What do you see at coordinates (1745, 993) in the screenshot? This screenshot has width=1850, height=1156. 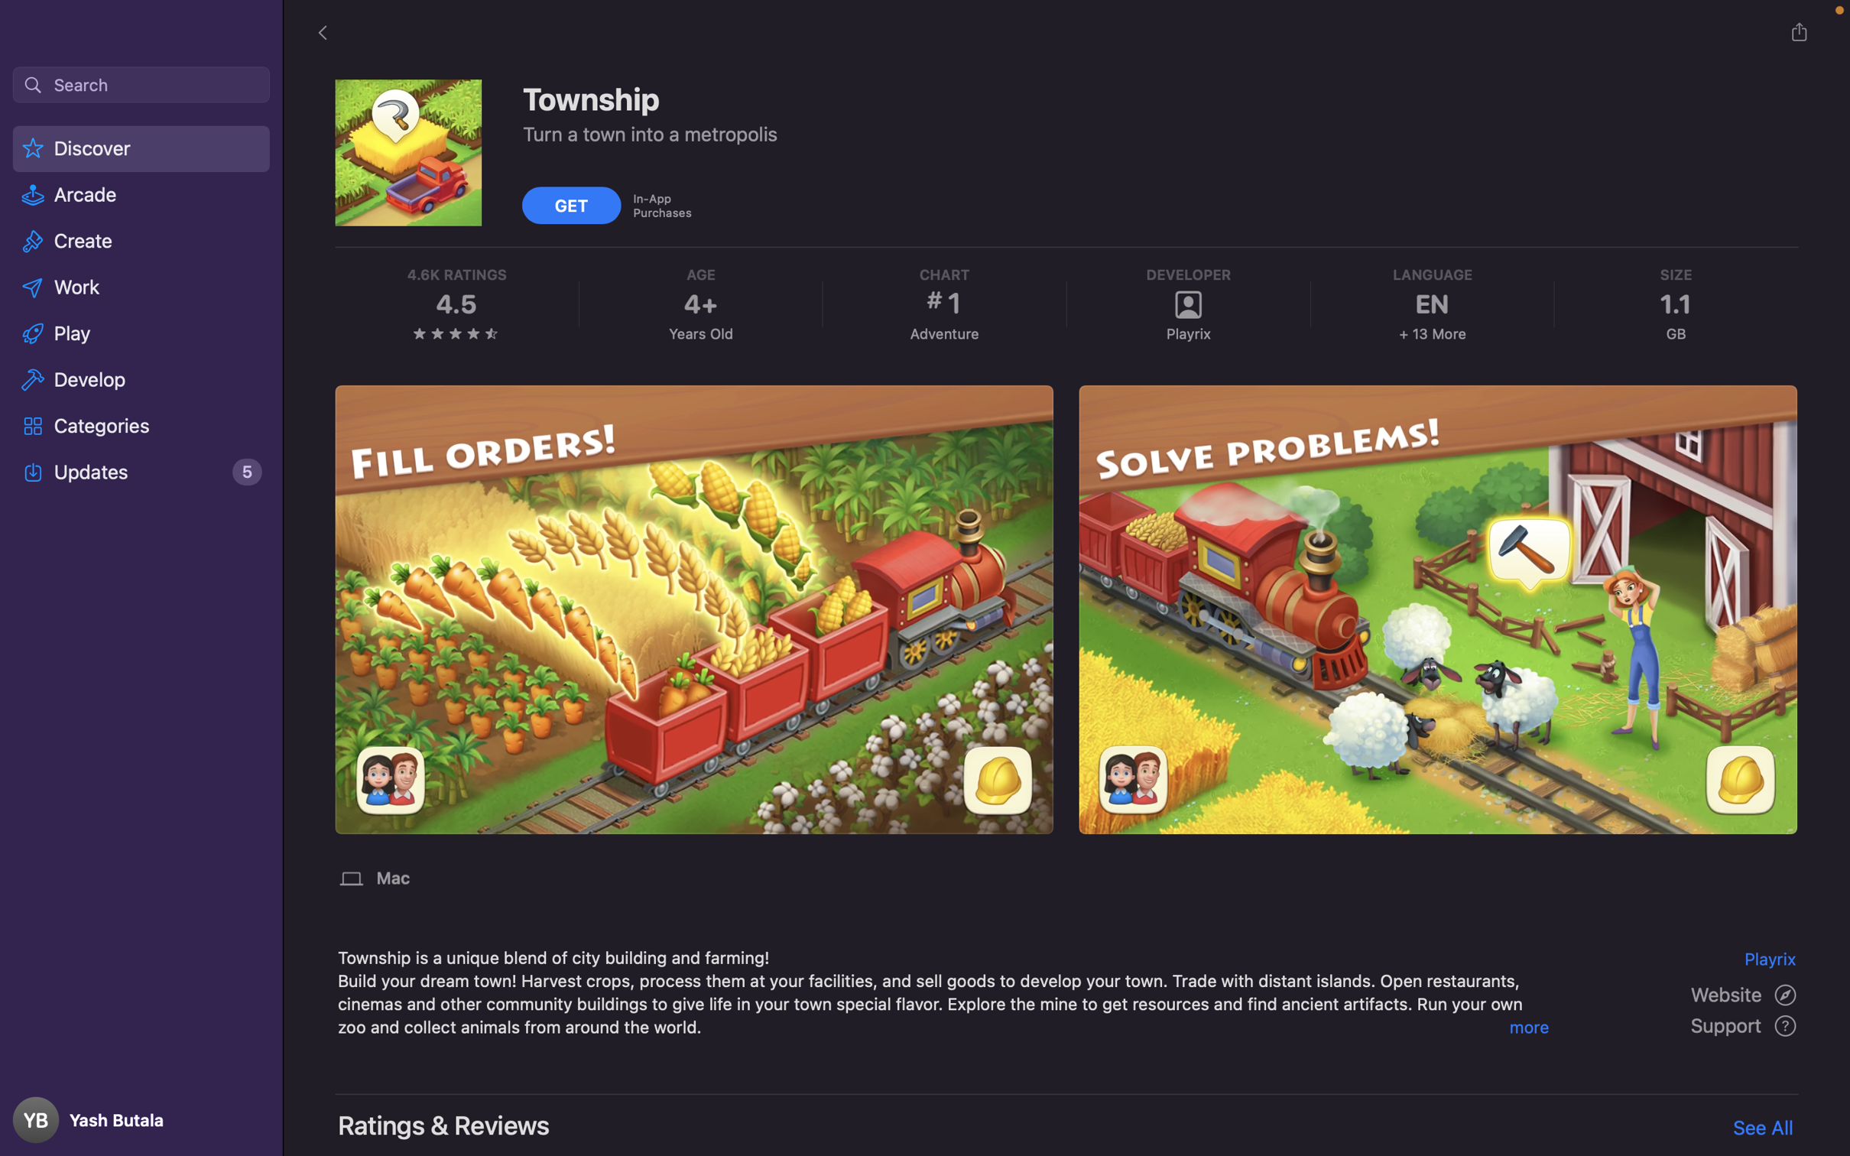 I see `the website for the application` at bounding box center [1745, 993].